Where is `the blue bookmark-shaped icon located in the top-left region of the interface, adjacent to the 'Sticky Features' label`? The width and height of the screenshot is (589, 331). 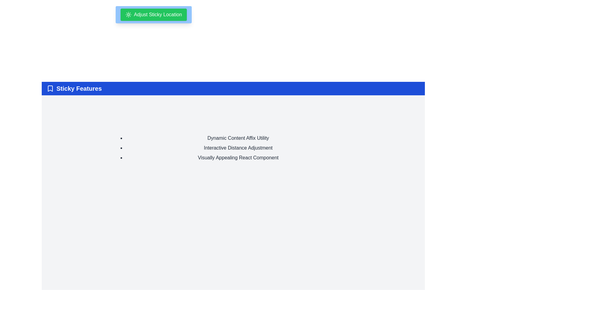 the blue bookmark-shaped icon located in the top-left region of the interface, adjacent to the 'Sticky Features' label is located at coordinates (50, 89).